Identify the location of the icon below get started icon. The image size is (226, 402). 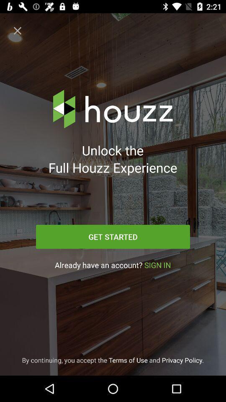
(113, 265).